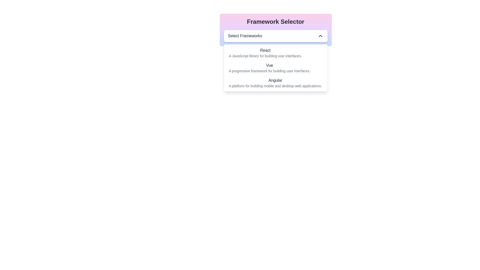  Describe the element at coordinates (275, 82) in the screenshot. I see `the third option in the 'Framework Selector' dropdown menu` at that location.